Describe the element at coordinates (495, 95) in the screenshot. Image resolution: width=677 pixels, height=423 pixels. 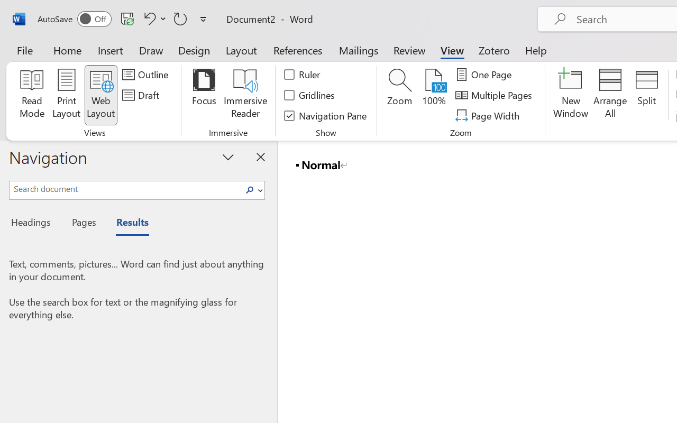
I see `'Multiple Pages'` at that location.